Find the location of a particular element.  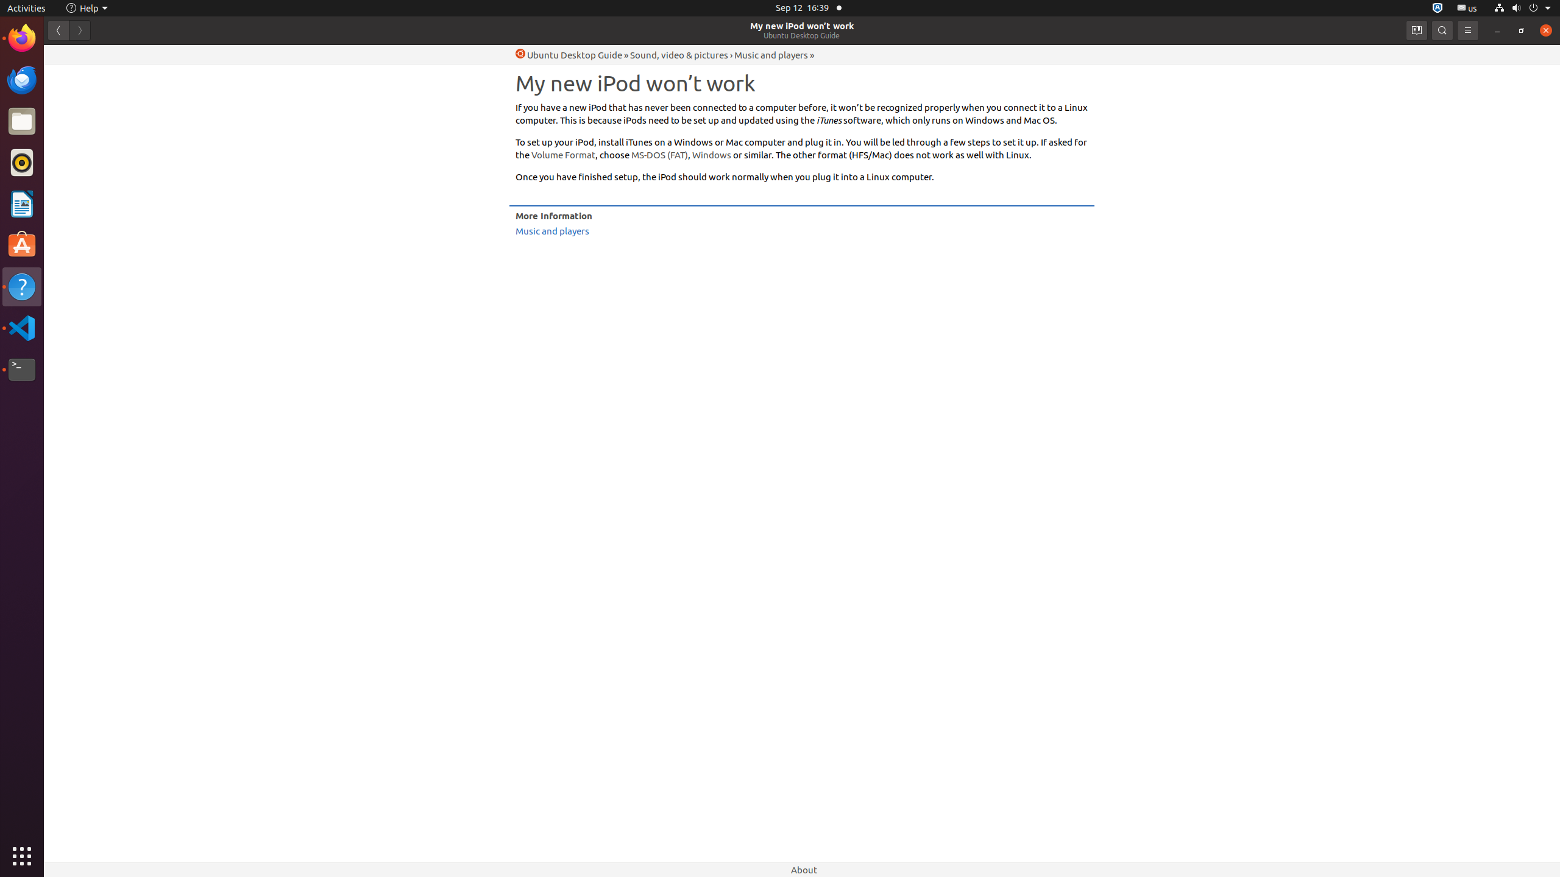

'Sound, video & pictures' is located at coordinates (678, 54).